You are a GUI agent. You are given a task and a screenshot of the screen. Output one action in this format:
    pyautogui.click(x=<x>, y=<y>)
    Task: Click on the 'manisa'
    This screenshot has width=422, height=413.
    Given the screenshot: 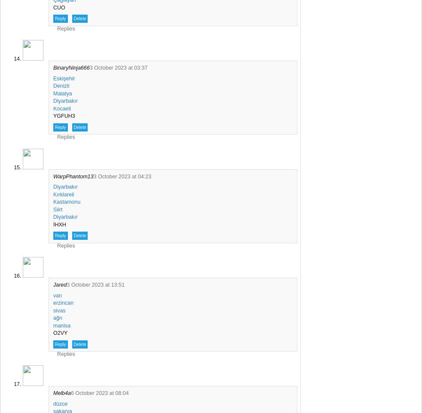 What is the action you would take?
    pyautogui.click(x=61, y=324)
    